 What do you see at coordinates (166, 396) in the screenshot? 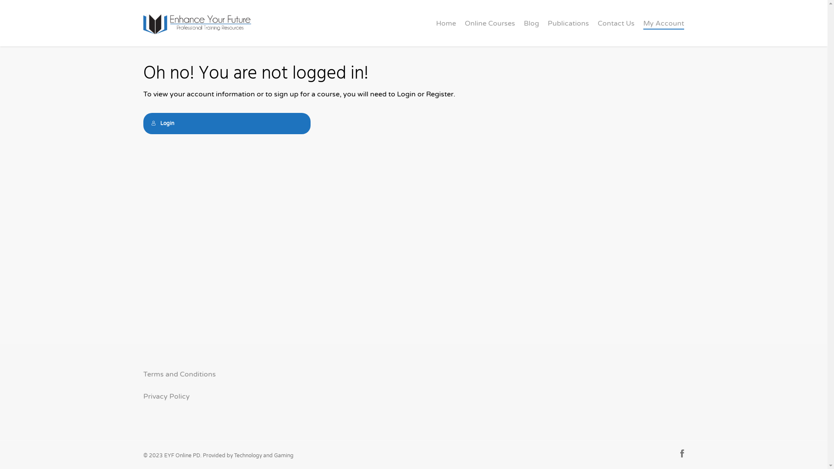
I see `'Privacy Policy'` at bounding box center [166, 396].